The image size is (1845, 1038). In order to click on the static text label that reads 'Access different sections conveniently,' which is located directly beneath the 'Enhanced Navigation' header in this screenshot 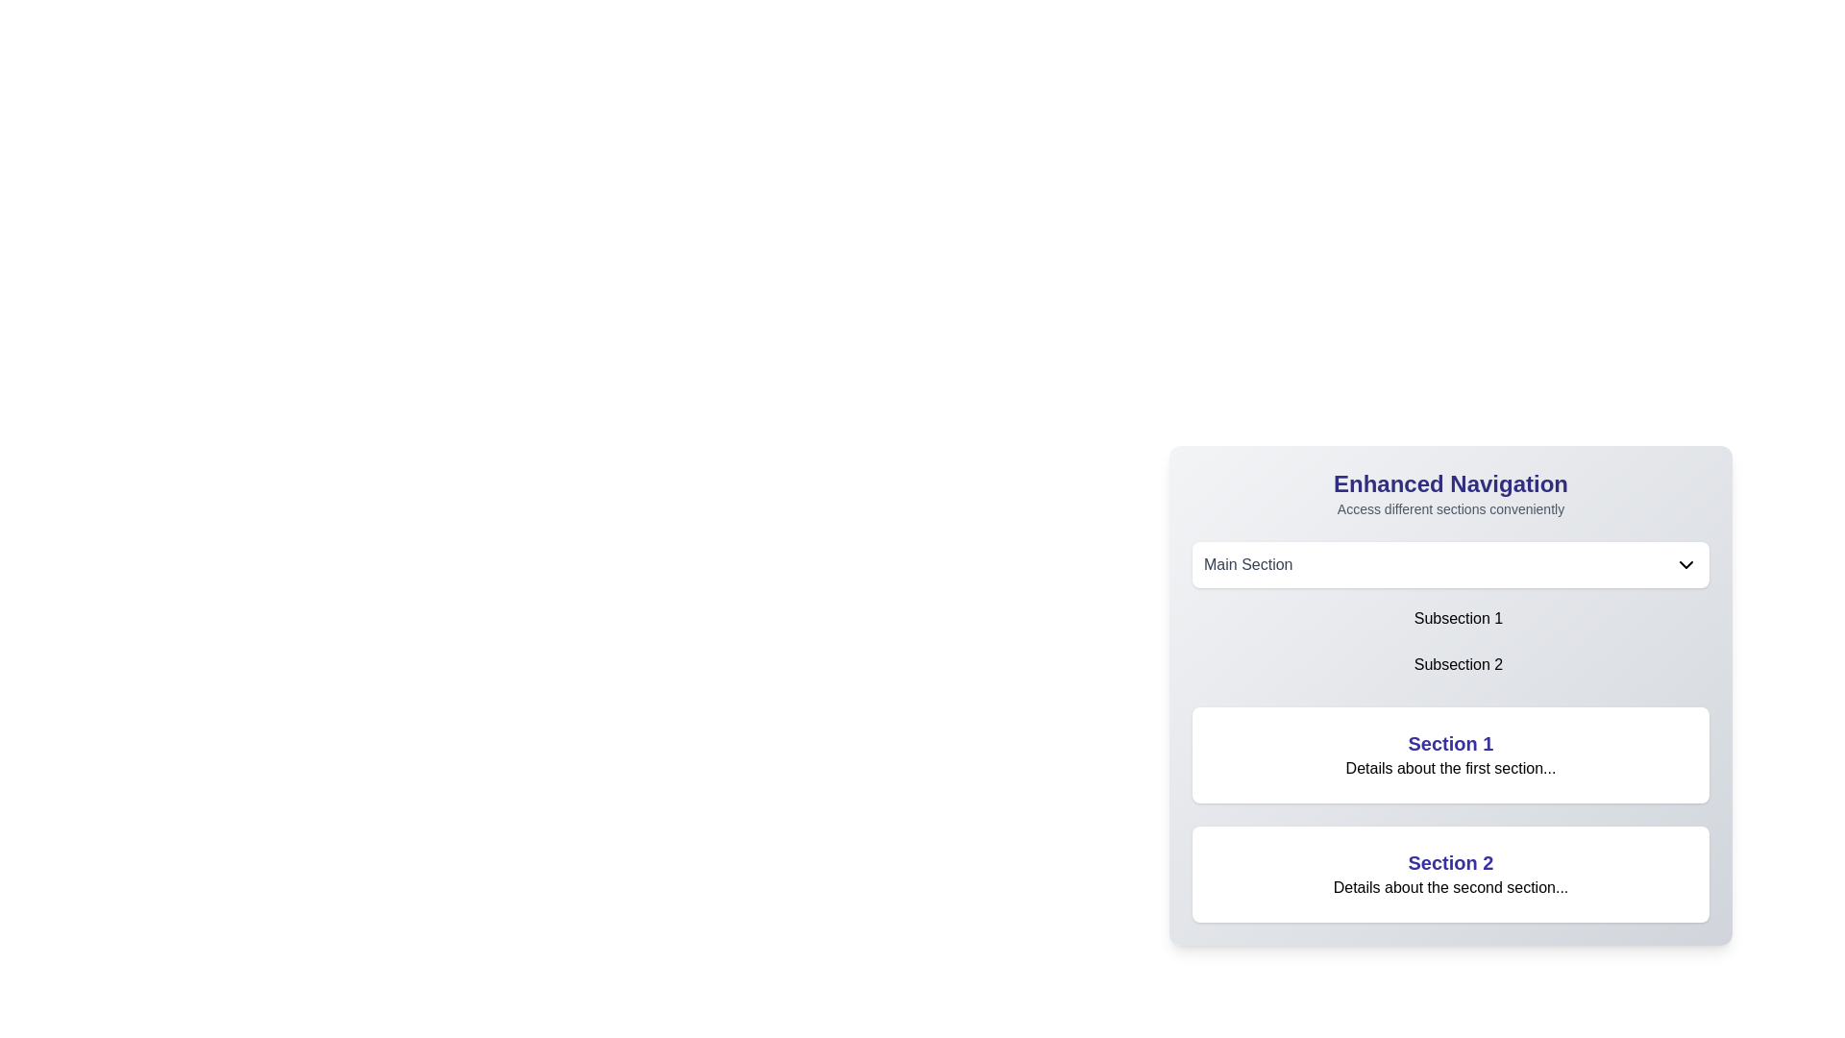, I will do `click(1451, 507)`.